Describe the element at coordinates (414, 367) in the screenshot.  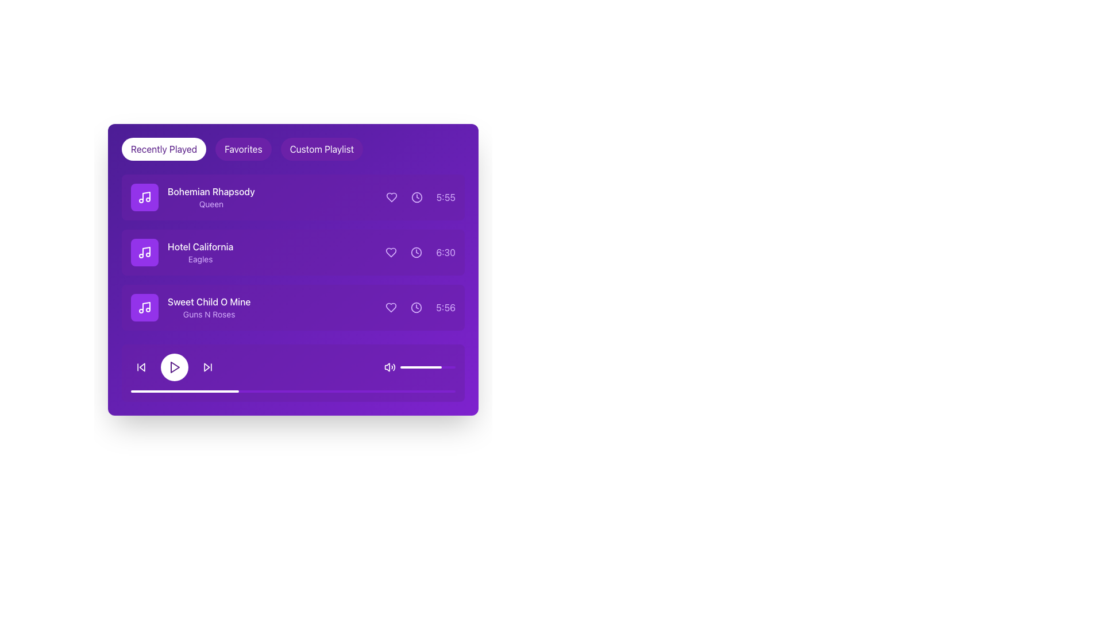
I see `the volume level` at that location.